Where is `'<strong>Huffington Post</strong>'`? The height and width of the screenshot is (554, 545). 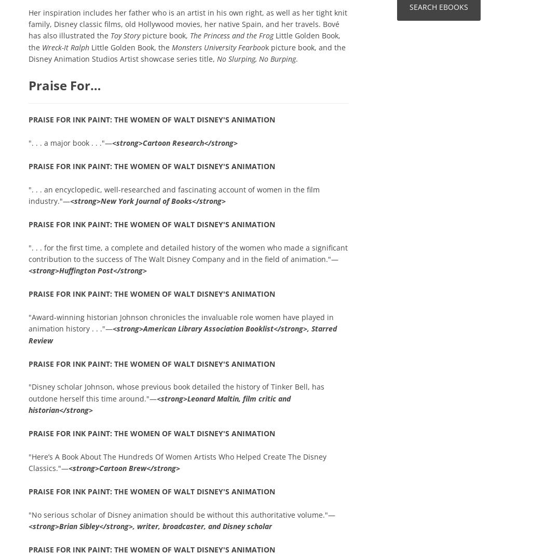
'<strong>Huffington Post</strong>' is located at coordinates (28, 270).